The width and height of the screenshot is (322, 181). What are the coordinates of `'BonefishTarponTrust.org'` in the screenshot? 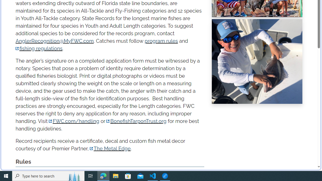 It's located at (136, 121).